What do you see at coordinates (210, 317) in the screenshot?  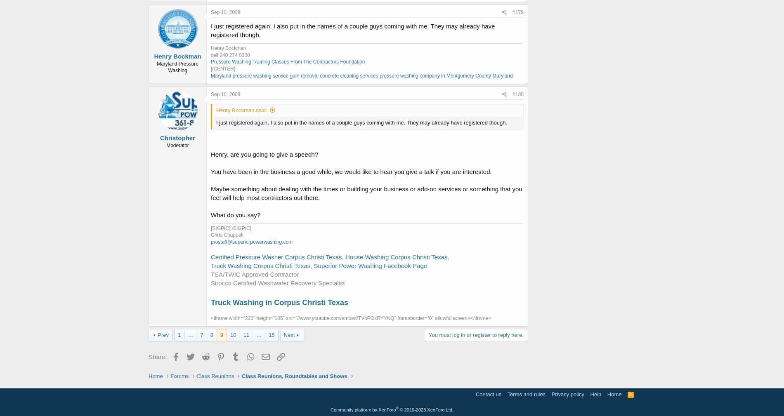 I see `'<iframe width="220" height="185" src="//www.youtube.com/embed/TVbPOxRYYNQ" frameborder="0" allowfullscreen></iframe>'` at bounding box center [210, 317].